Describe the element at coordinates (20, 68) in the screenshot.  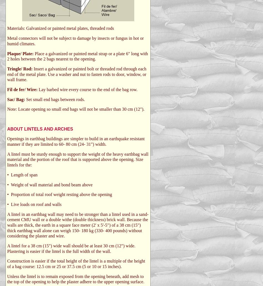
I see `'Tringle/ Rod:'` at that location.